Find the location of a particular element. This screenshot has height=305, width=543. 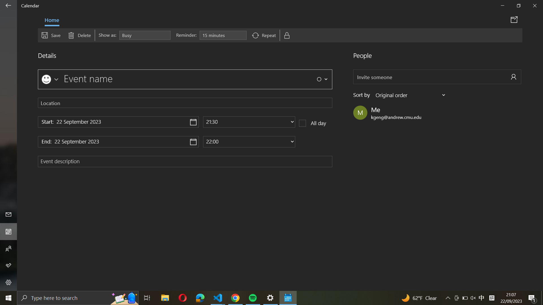

Organize event attendees by their last name is located at coordinates (411, 95).